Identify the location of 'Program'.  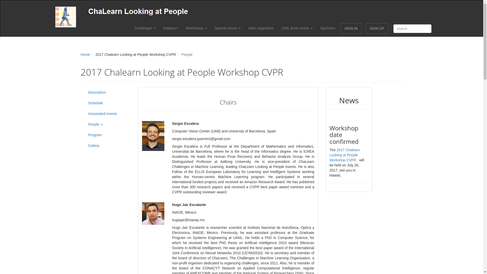
(107, 135).